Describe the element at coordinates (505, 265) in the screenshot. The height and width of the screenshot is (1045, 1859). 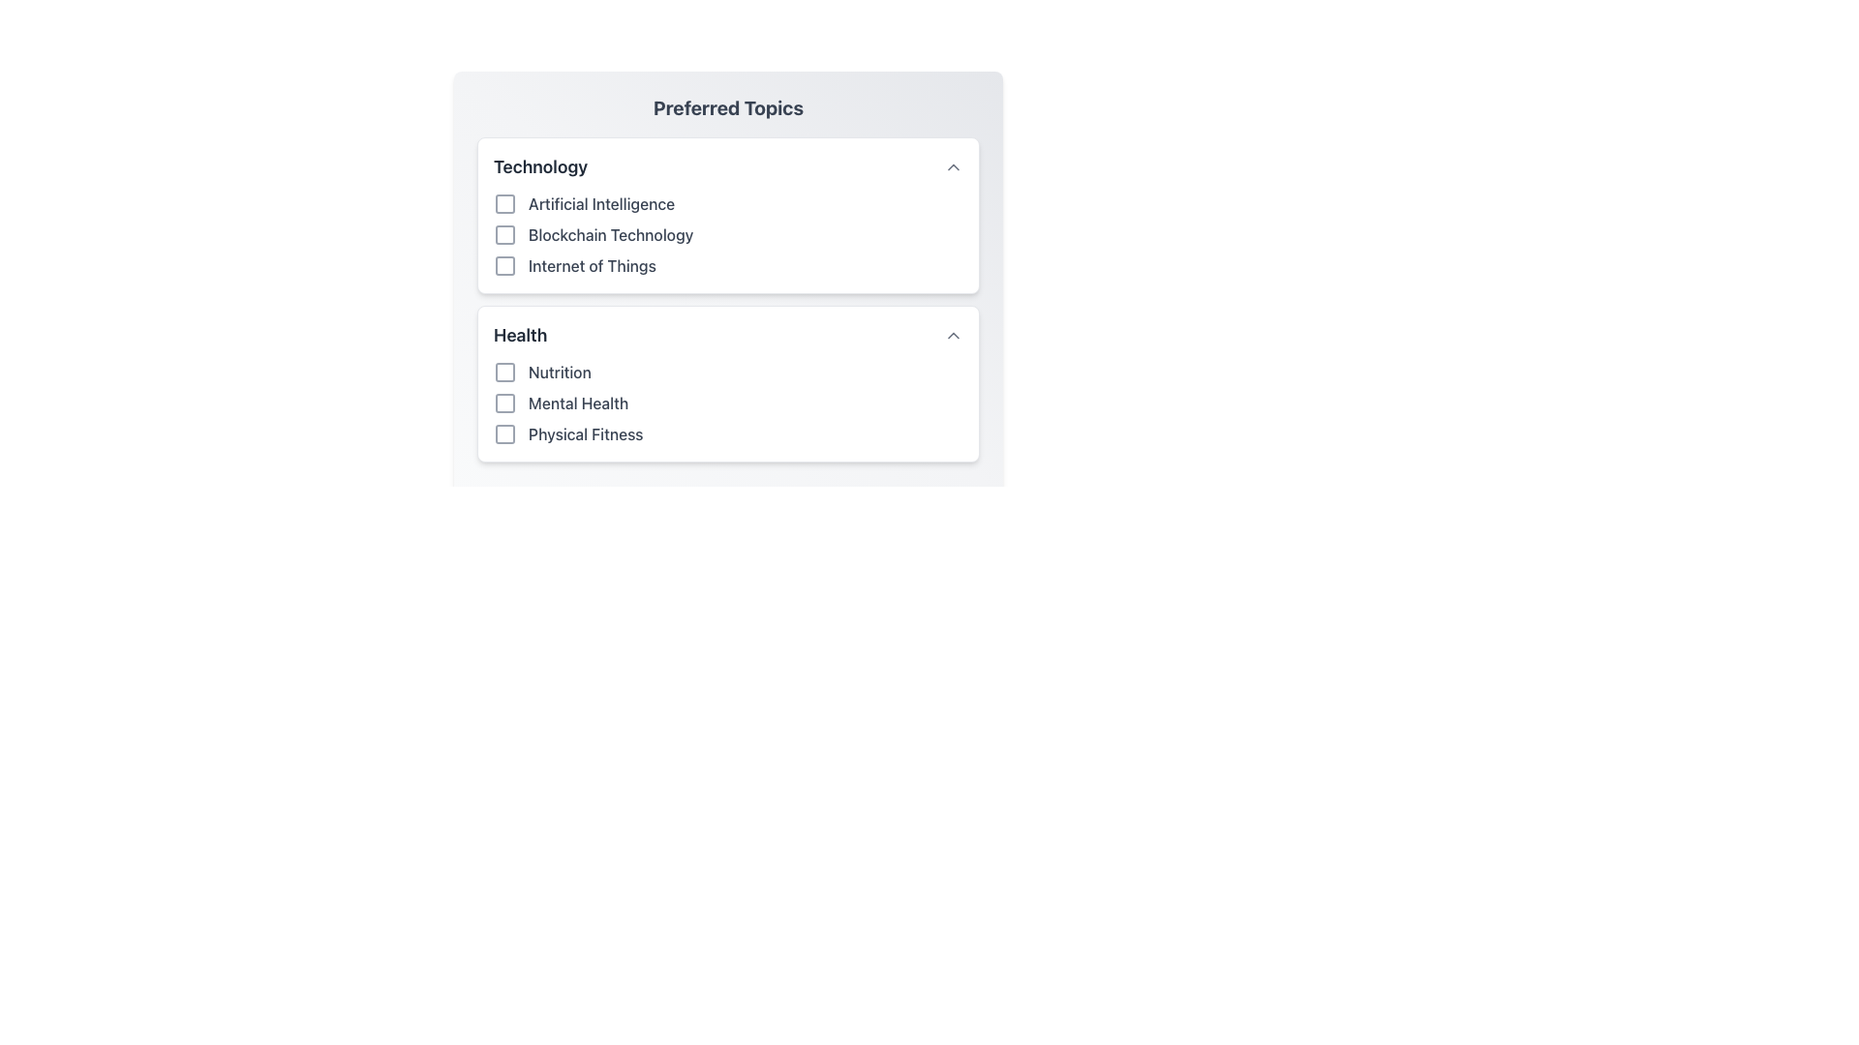
I see `the checkbox` at that location.